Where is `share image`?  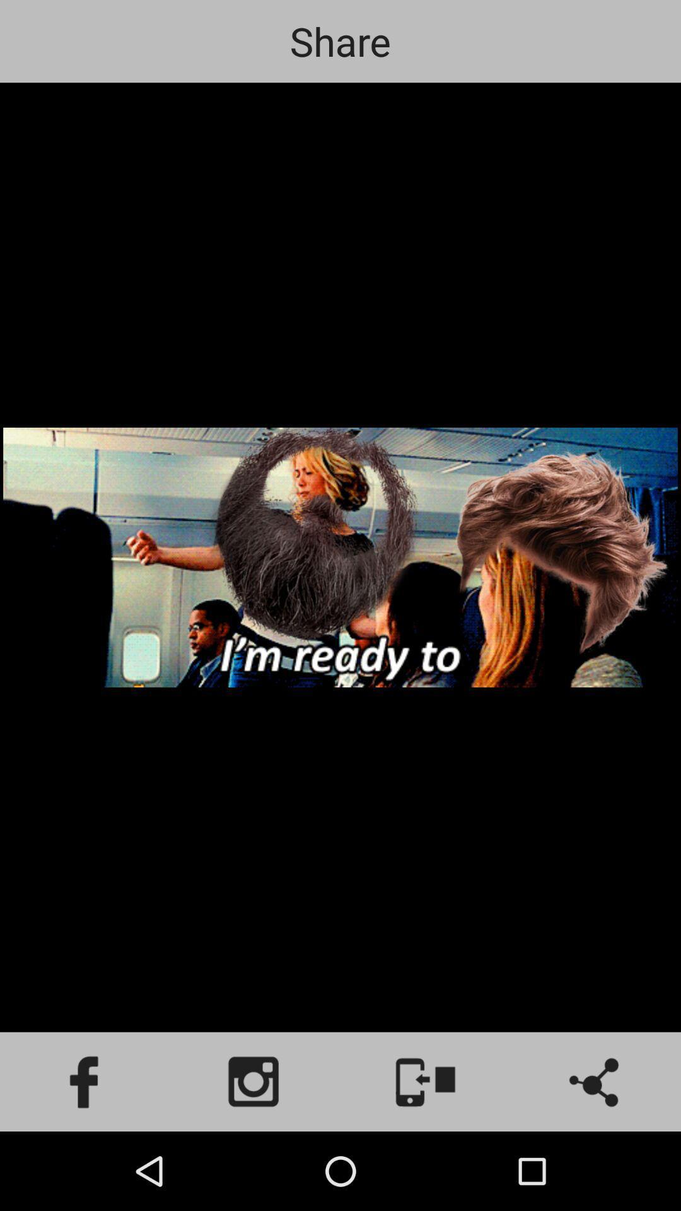 share image is located at coordinates (596, 1081).